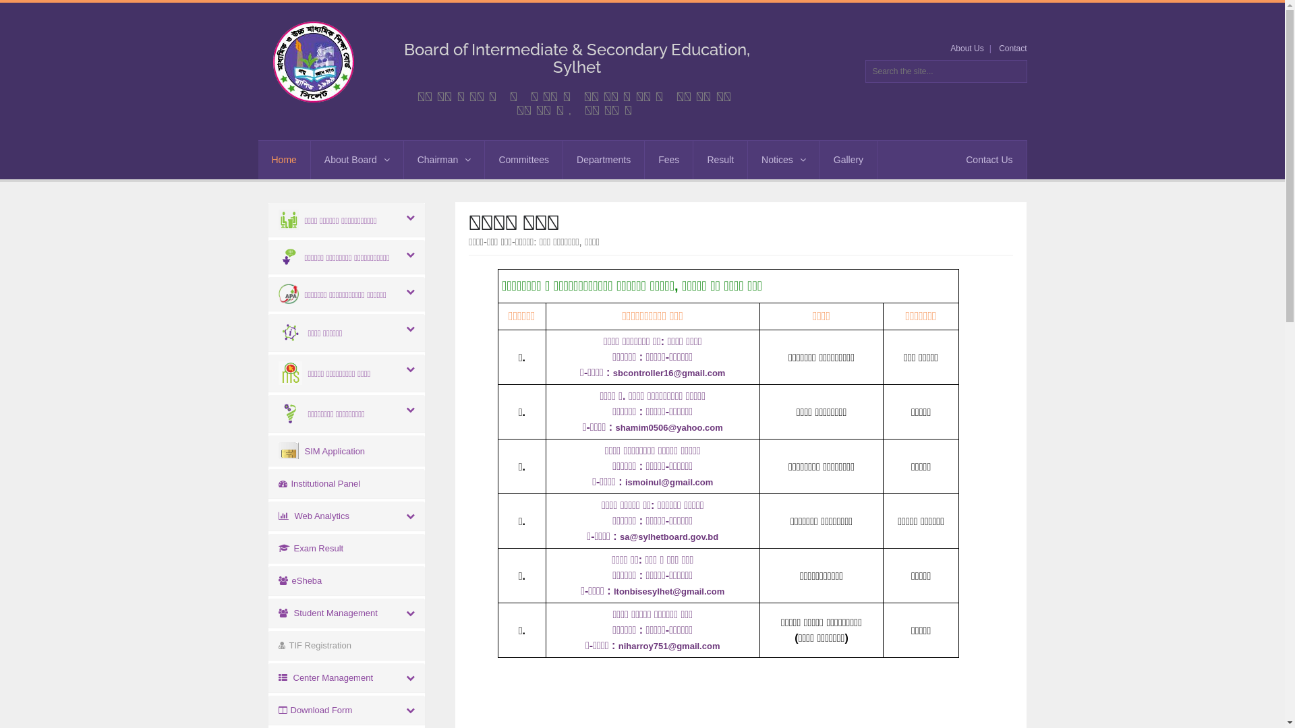  Describe the element at coordinates (747, 159) in the screenshot. I see `'Notices'` at that location.